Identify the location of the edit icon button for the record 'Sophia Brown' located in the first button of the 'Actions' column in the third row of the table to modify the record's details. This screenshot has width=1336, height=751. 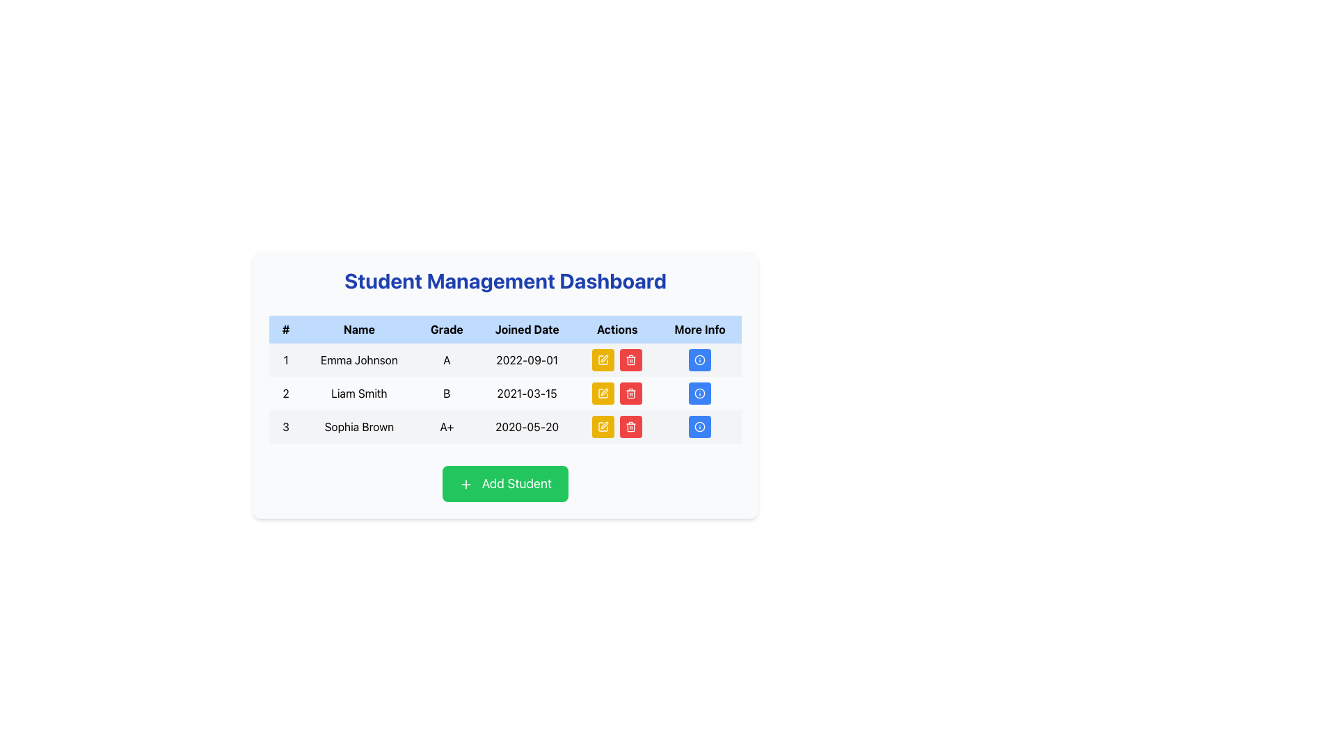
(603, 426).